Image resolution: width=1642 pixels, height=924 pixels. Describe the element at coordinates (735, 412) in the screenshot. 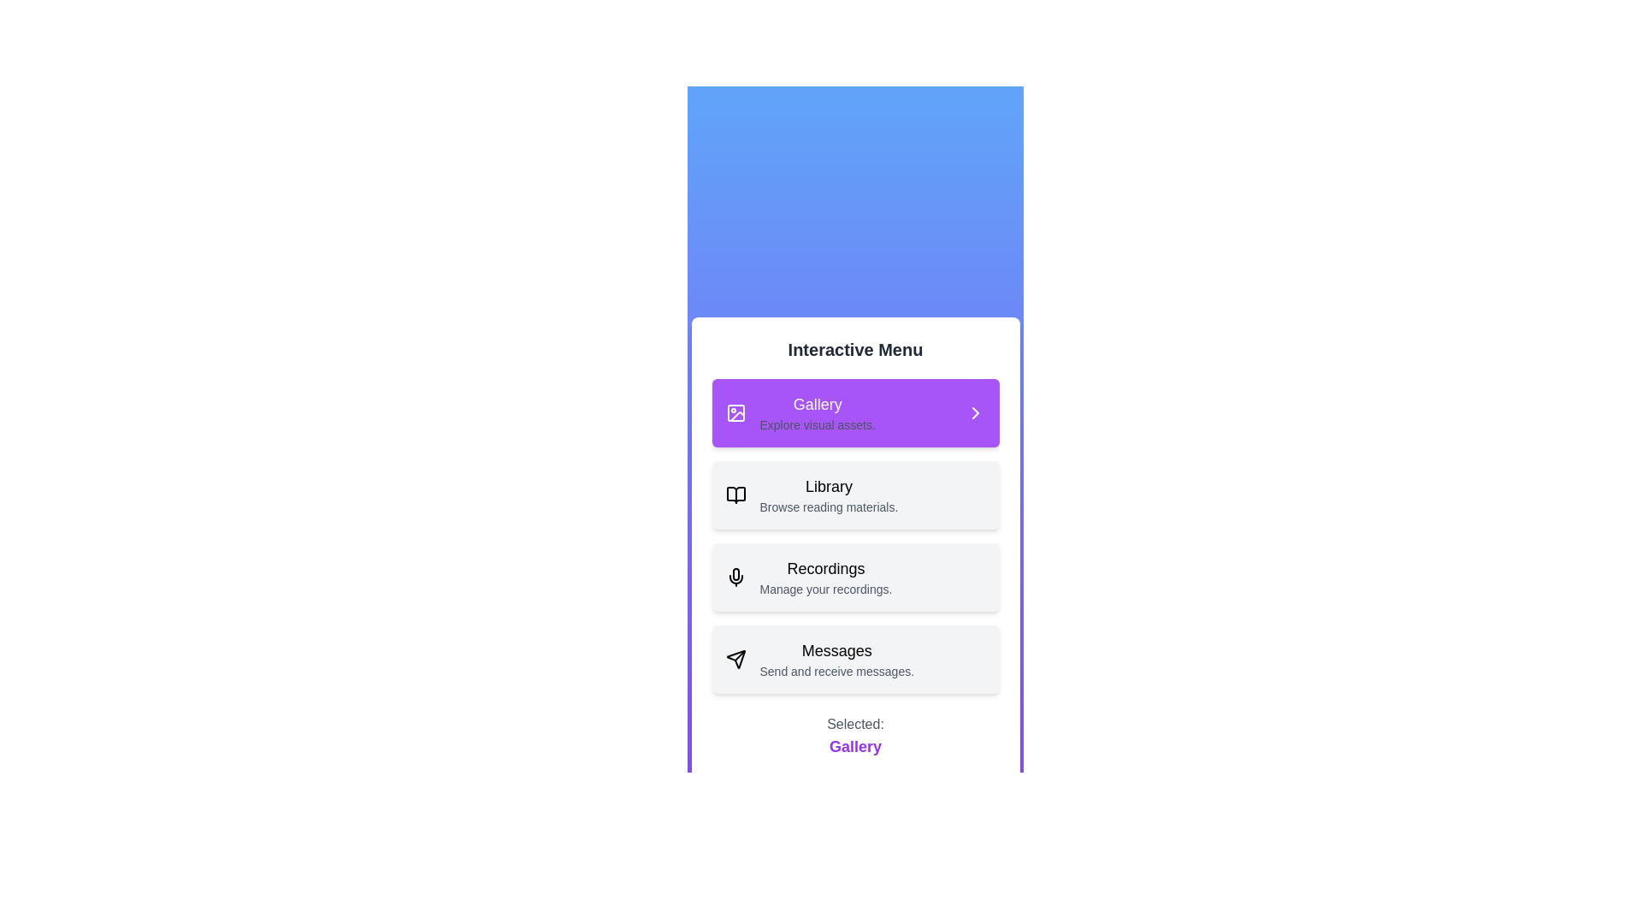

I see `the icon of the list item labeled Gallery` at that location.